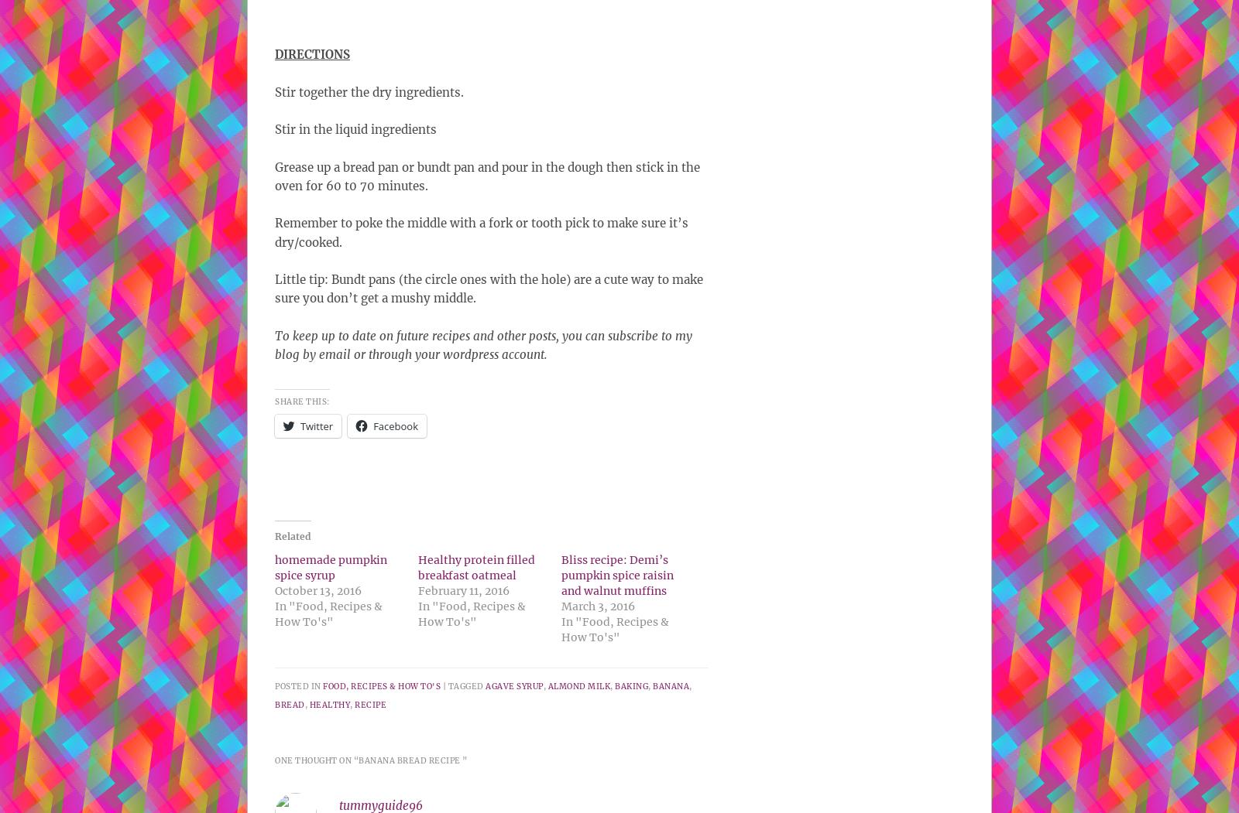 Image resolution: width=1239 pixels, height=813 pixels. I want to click on 'Remember to poke the middle with a fork or tooth pick to make sure it’s dry/cooked.', so click(482, 231).